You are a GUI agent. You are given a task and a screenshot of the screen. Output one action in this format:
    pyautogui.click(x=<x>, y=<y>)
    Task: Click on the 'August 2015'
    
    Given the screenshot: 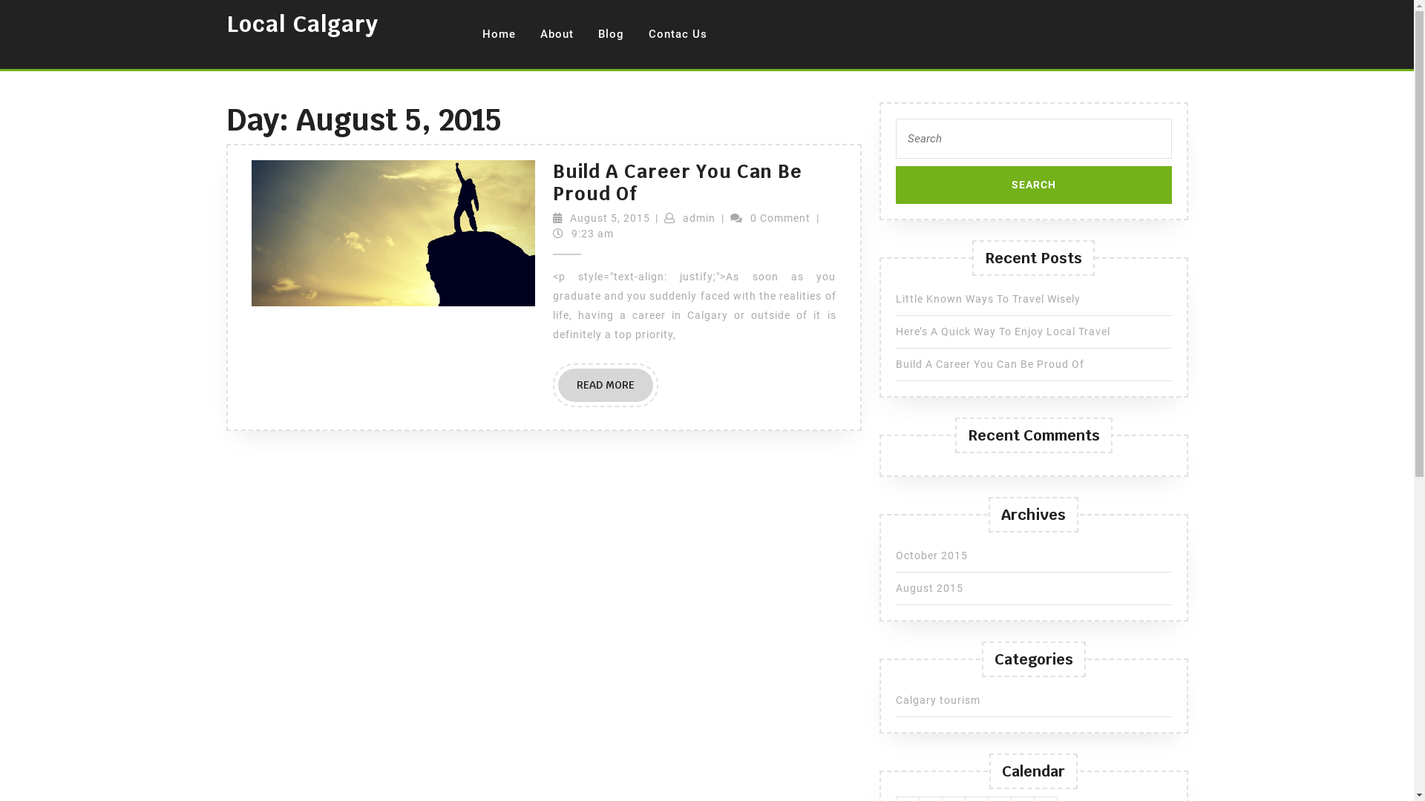 What is the action you would take?
    pyautogui.click(x=928, y=587)
    